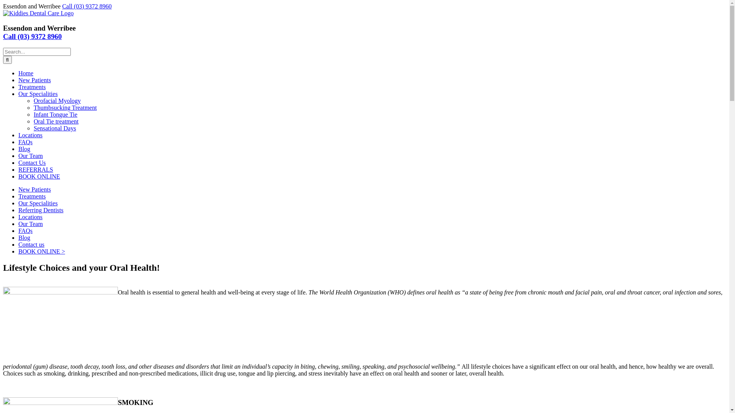  I want to click on 'Contact Us', so click(31, 162).